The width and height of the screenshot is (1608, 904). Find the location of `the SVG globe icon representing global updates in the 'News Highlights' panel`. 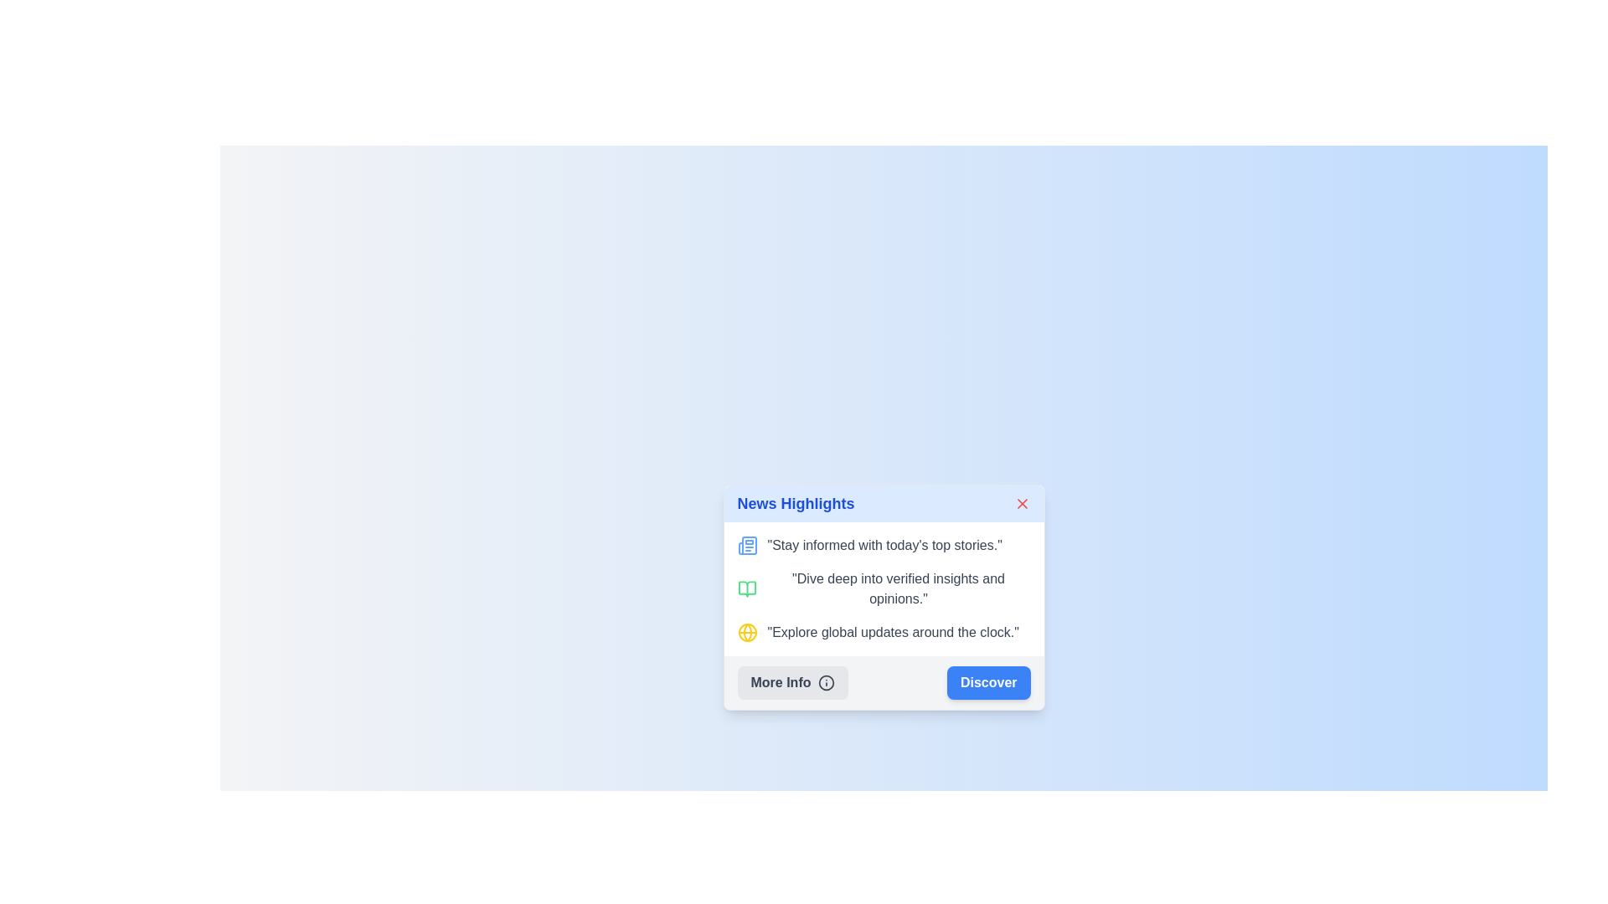

the SVG globe icon representing global updates in the 'News Highlights' panel is located at coordinates (746, 633).